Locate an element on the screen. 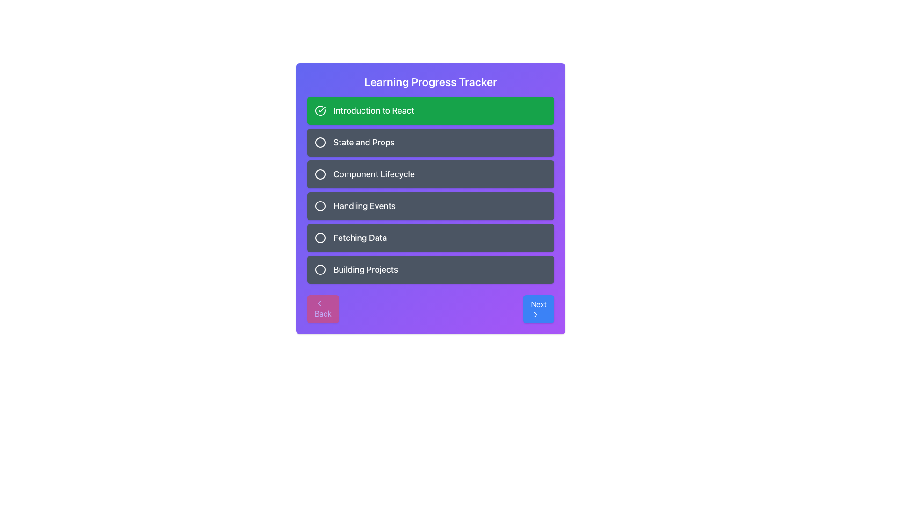  the 'State and Props' button-like list item, which is the second item in a vertical list styled with a rounded border and shadow, located below 'Introduction to React' is located at coordinates (430, 142).